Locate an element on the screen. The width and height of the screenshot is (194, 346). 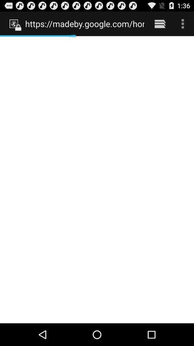
item to the right of https madeby google item is located at coordinates (160, 23).